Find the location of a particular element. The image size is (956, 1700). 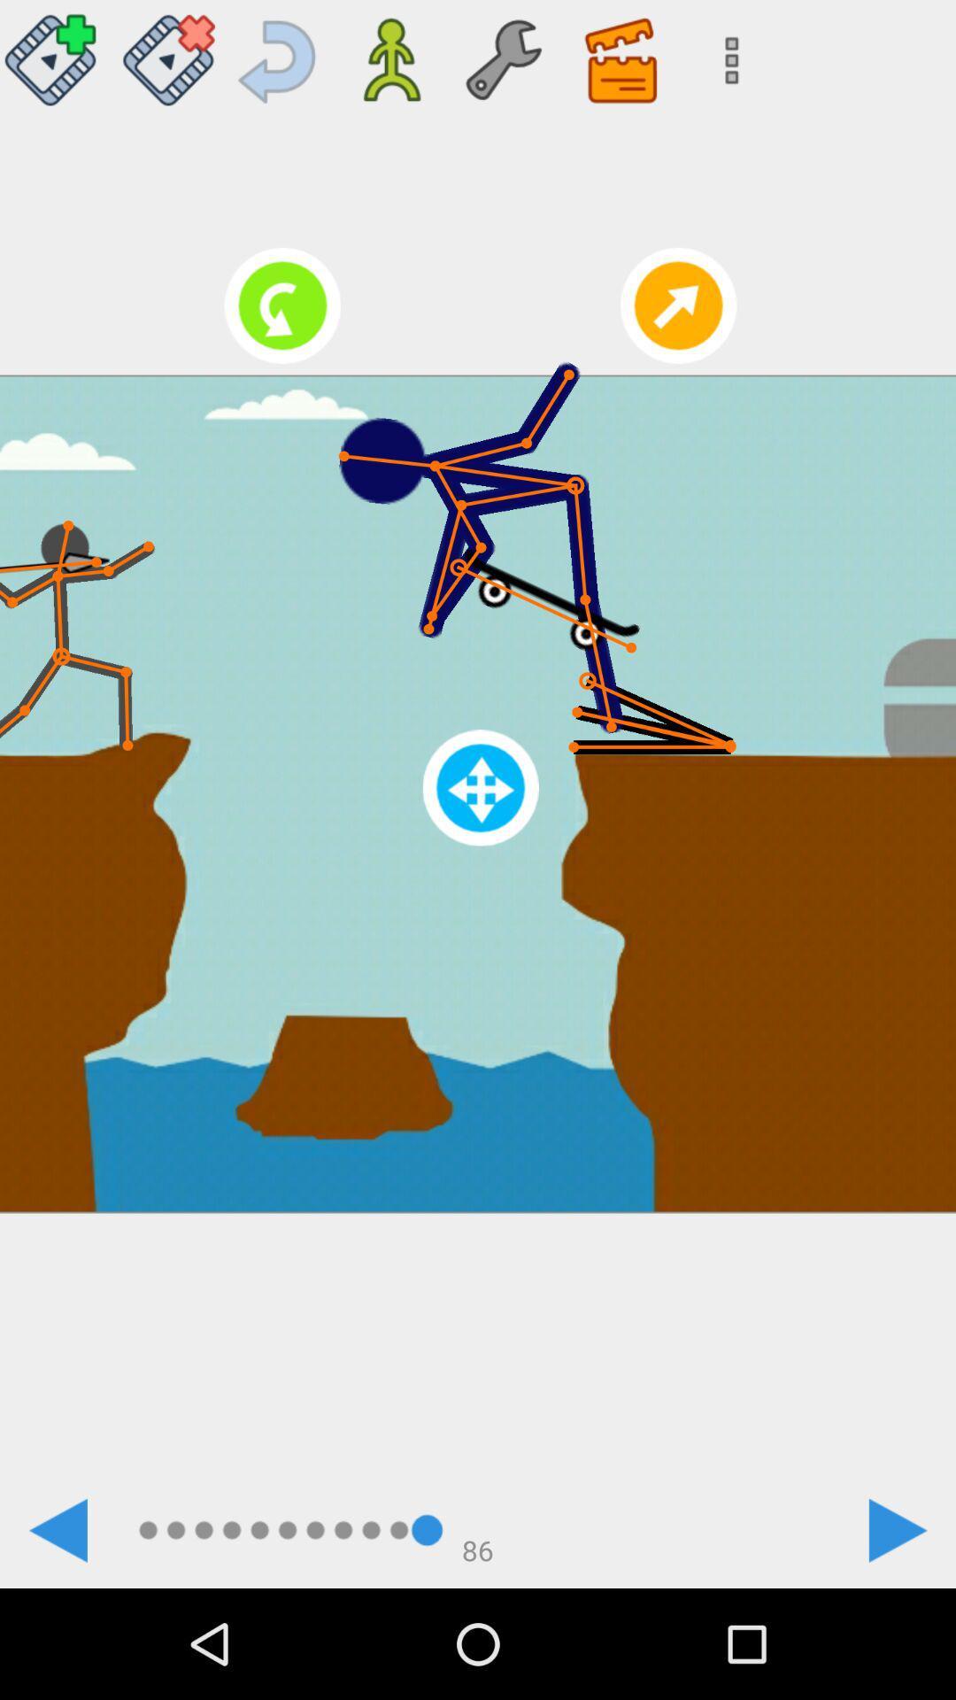

revert undo something is located at coordinates (279, 53).